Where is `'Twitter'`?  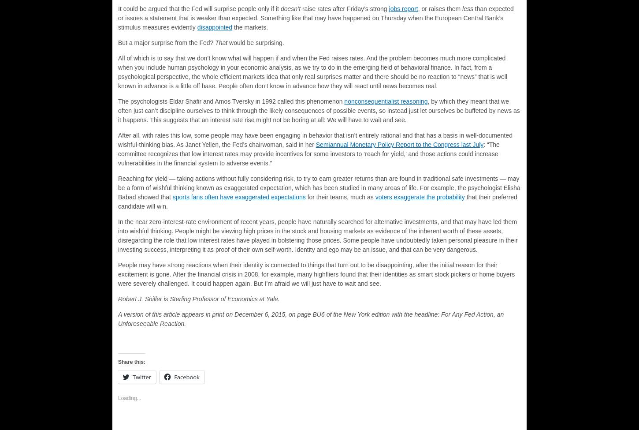
'Twitter' is located at coordinates (142, 377).